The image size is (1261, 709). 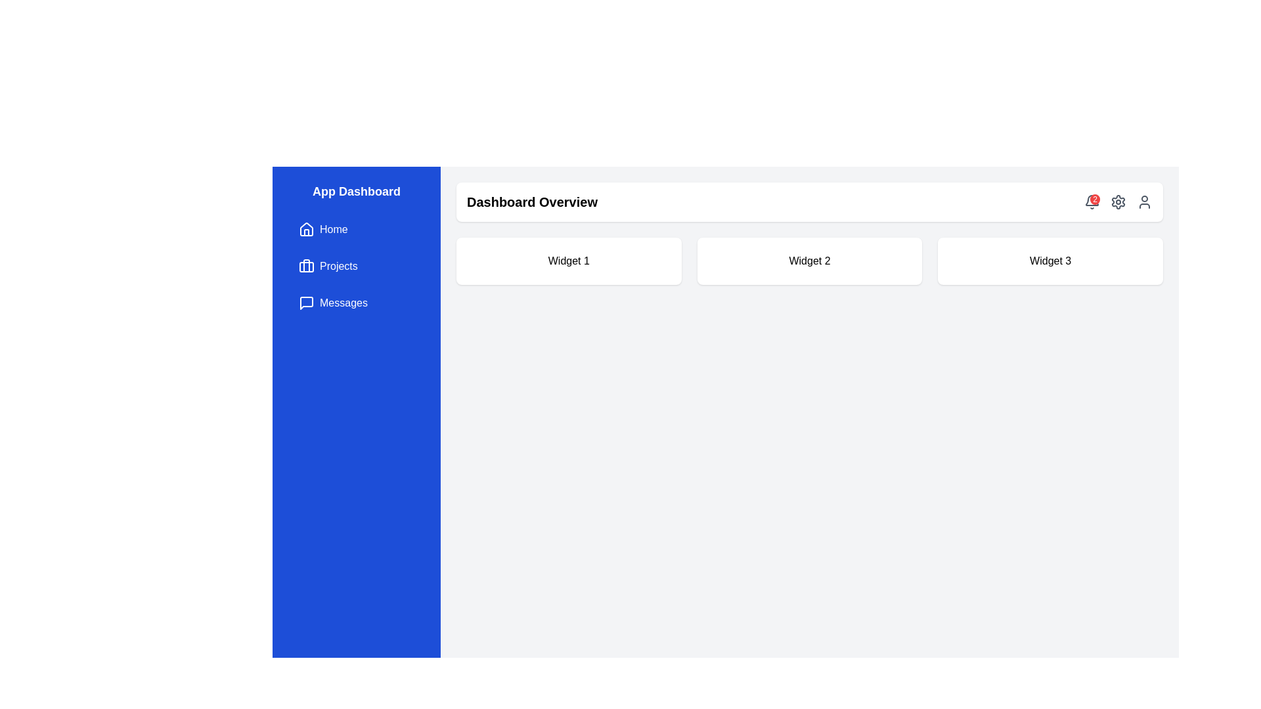 I want to click on the user-related features button located in the top-right corner of the interface, positioned to the right of the gear-shaped settings icon, so click(x=1143, y=202).